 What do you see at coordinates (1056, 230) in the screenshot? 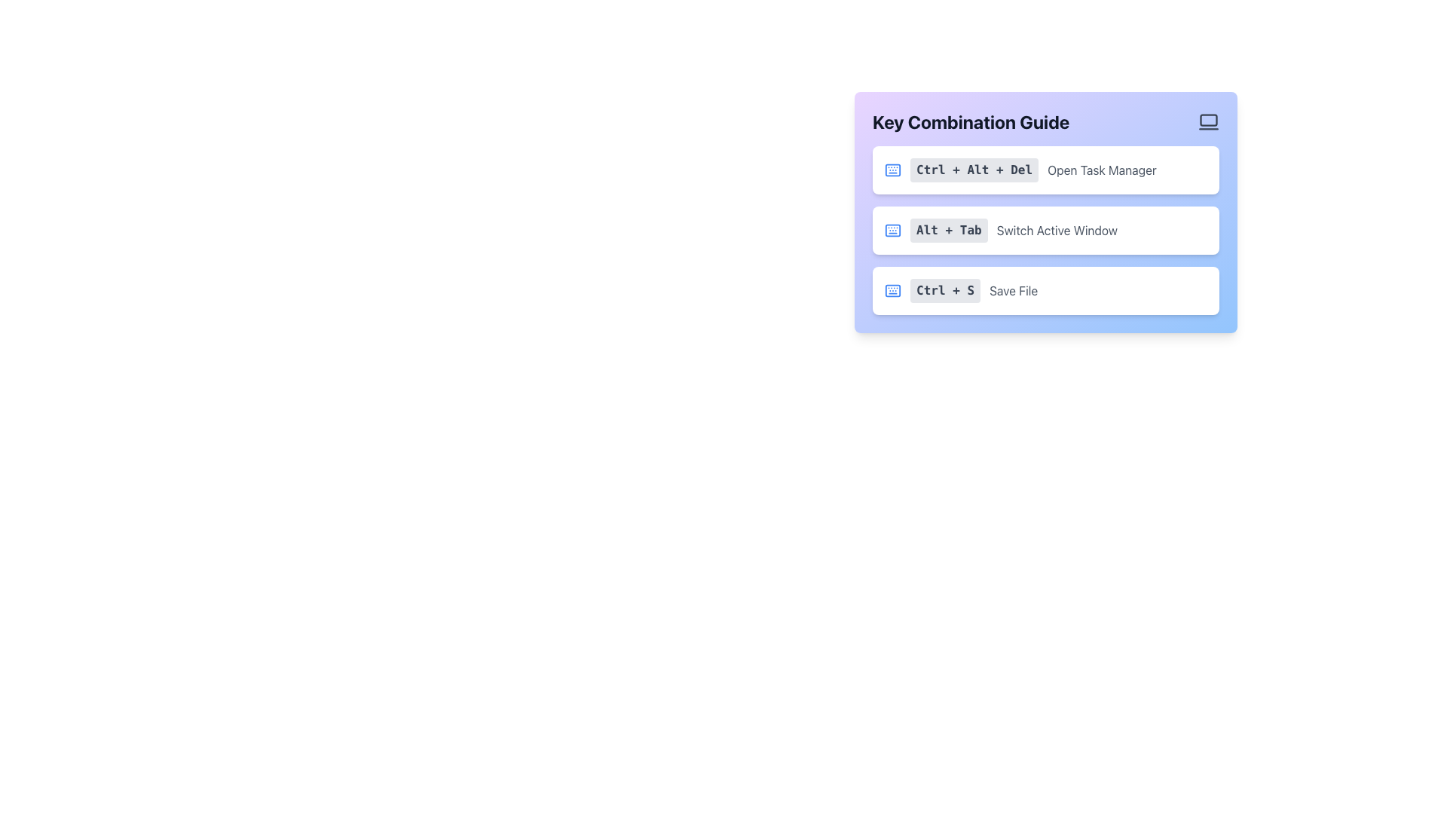
I see `the text label displaying 'Switch Active Window', which is styled in gray font and part of a horizontal layout in the key combination guide` at bounding box center [1056, 230].